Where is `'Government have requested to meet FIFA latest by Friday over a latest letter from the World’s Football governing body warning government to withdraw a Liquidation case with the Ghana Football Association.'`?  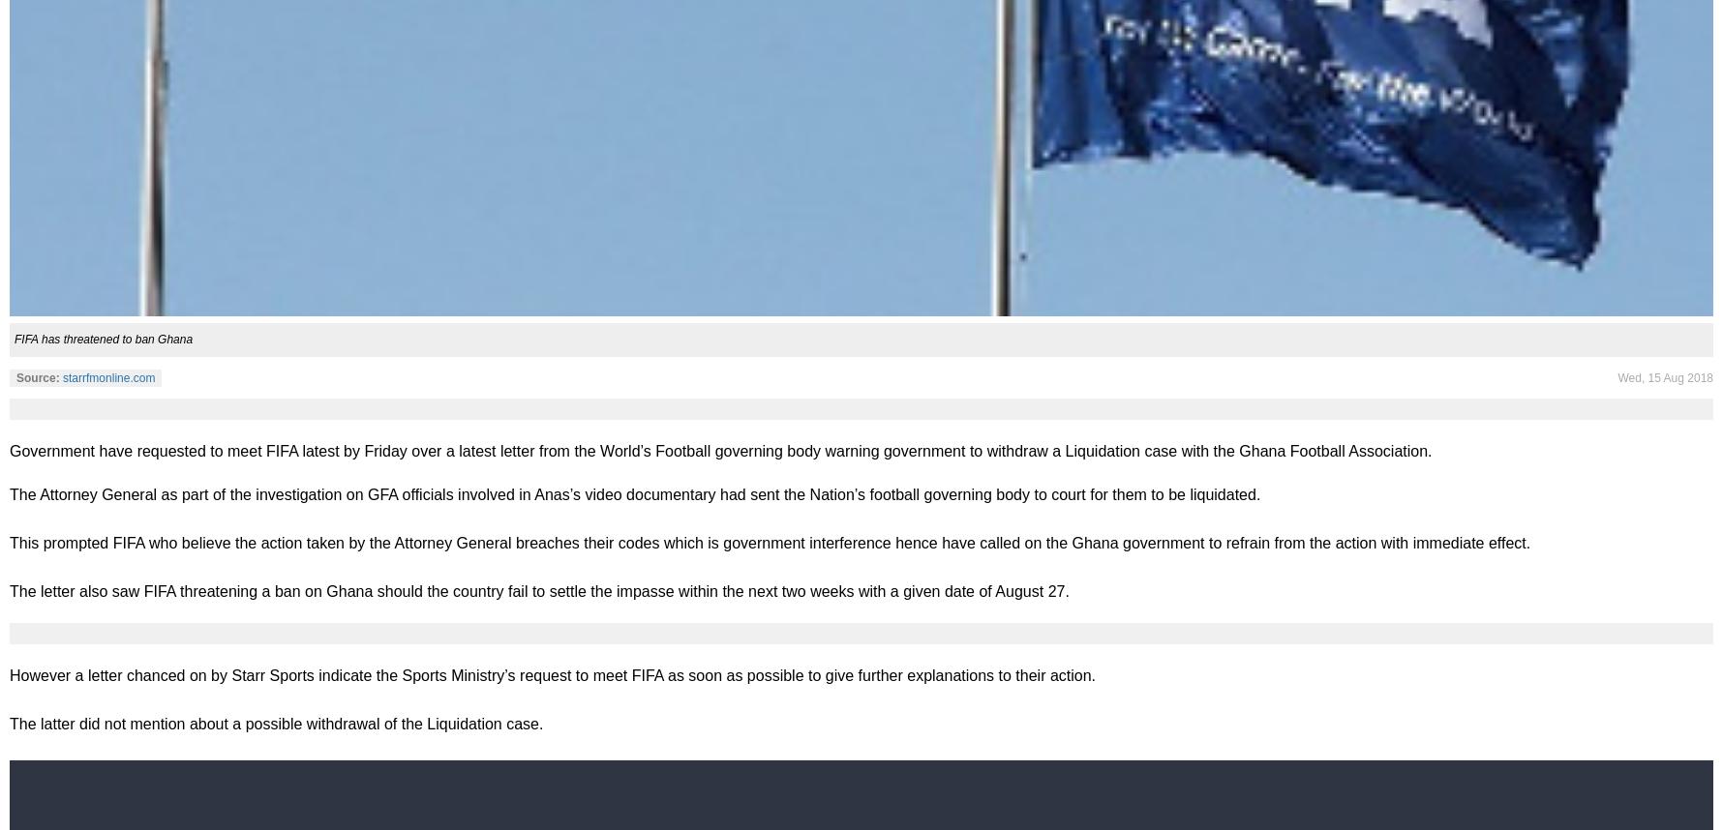 'Government have requested to meet FIFA latest by Friday over a latest letter from the World’s Football governing body warning government to withdraw a Liquidation case with the Ghana Football Association.' is located at coordinates (9, 450).